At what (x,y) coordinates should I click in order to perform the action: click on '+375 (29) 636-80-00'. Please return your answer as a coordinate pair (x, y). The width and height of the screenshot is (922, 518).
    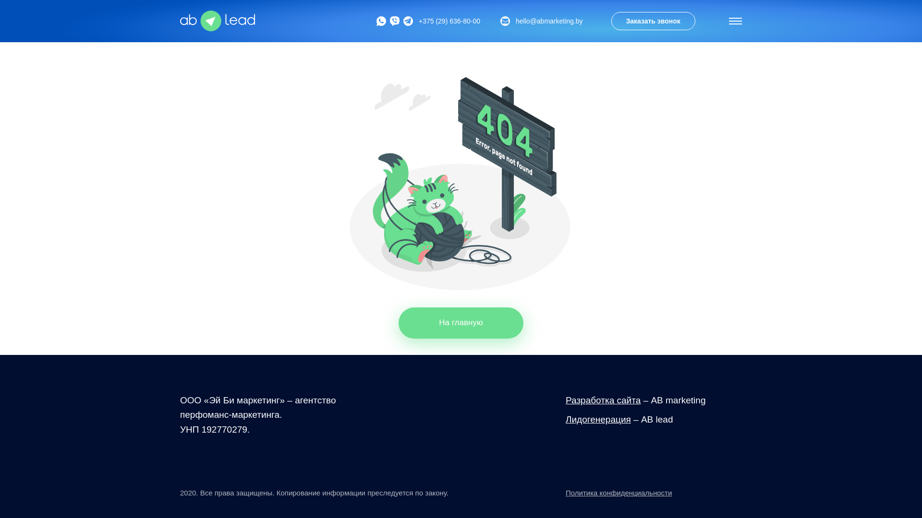
    Looking at the image, I should click on (419, 21).